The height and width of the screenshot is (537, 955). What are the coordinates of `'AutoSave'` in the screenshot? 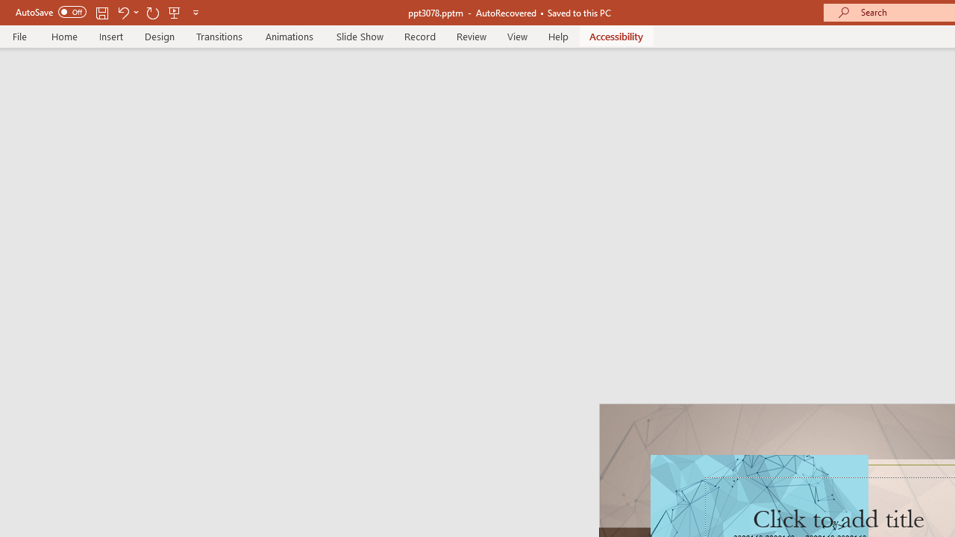 It's located at (51, 12).